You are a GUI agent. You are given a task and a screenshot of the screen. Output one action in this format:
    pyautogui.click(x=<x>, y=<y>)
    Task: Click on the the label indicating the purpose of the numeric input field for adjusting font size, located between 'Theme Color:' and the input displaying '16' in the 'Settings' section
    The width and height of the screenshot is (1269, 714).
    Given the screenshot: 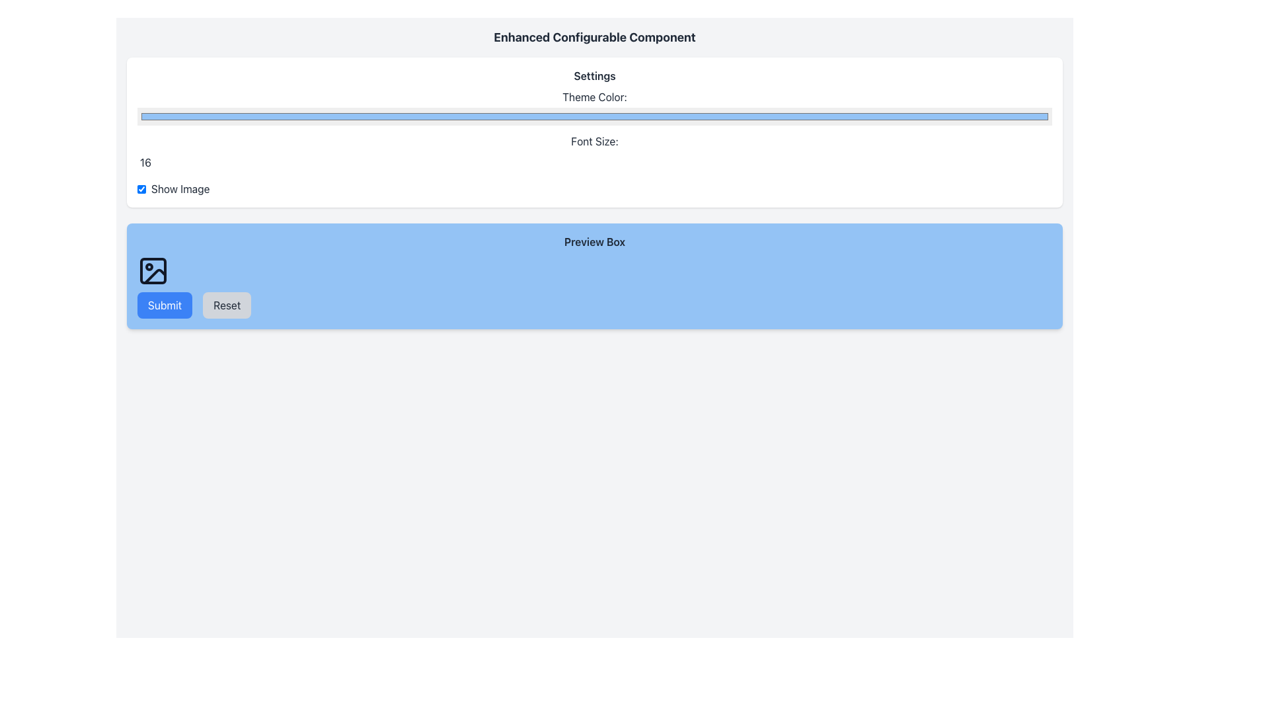 What is the action you would take?
    pyautogui.click(x=594, y=141)
    